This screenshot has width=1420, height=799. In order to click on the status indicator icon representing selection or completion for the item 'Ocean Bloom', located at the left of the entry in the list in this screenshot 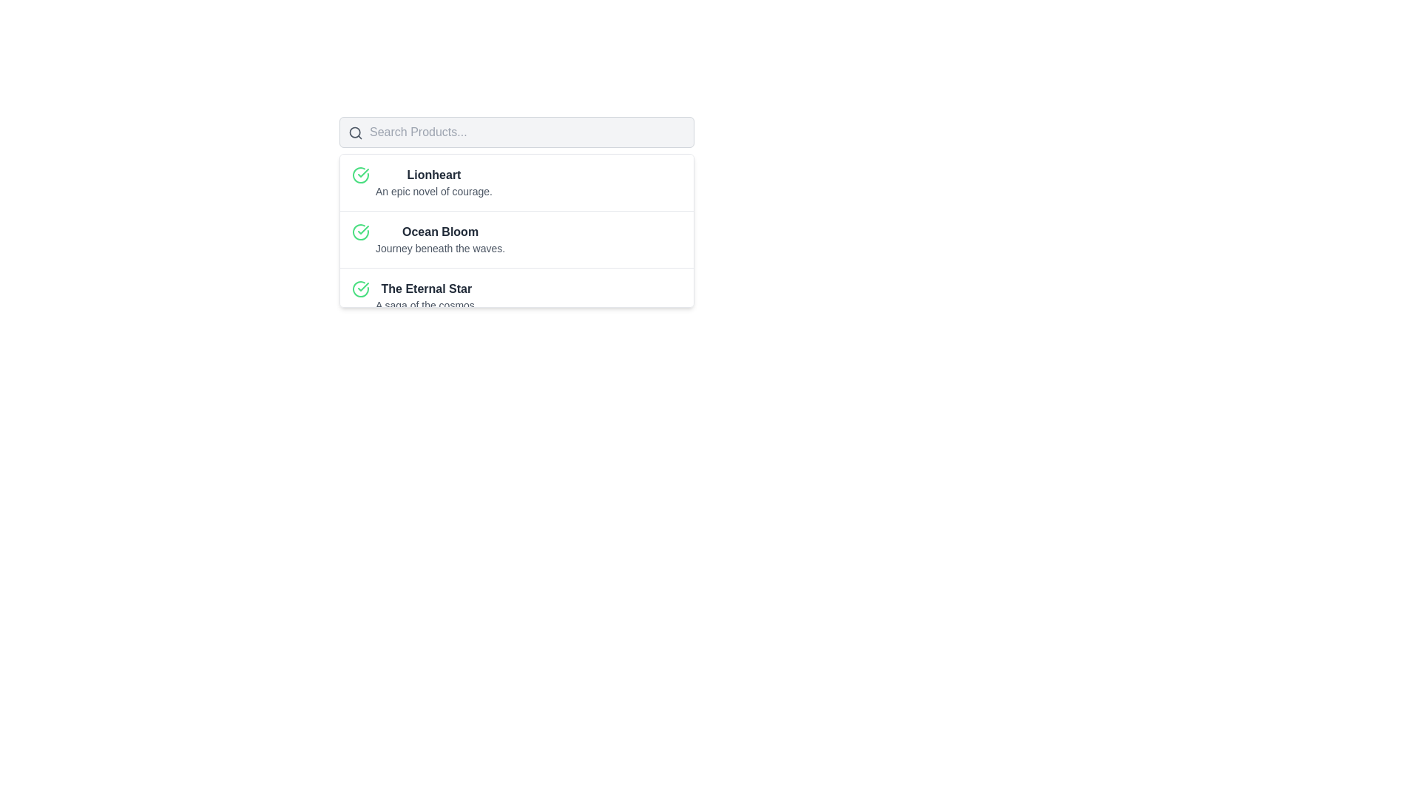, I will do `click(361, 232)`.